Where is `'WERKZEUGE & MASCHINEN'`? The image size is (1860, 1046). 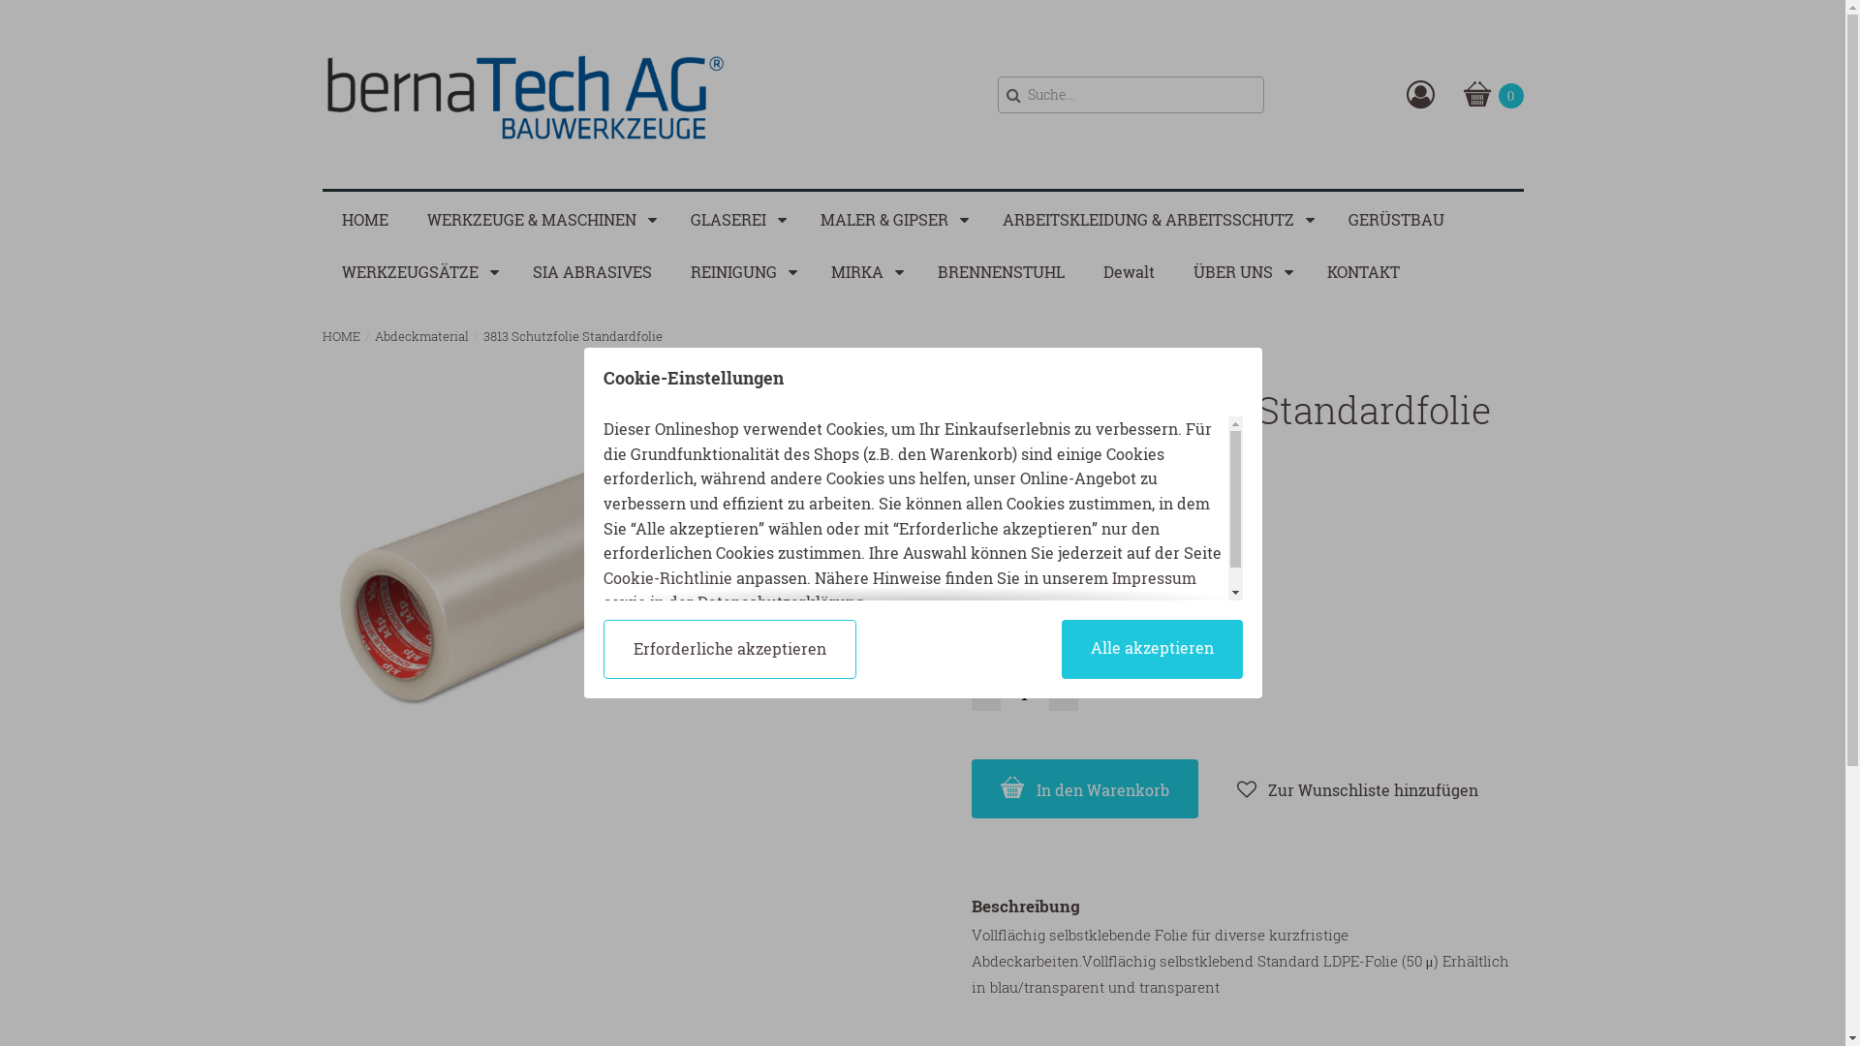 'WERKZEUGE & MASCHINEN' is located at coordinates (539, 218).